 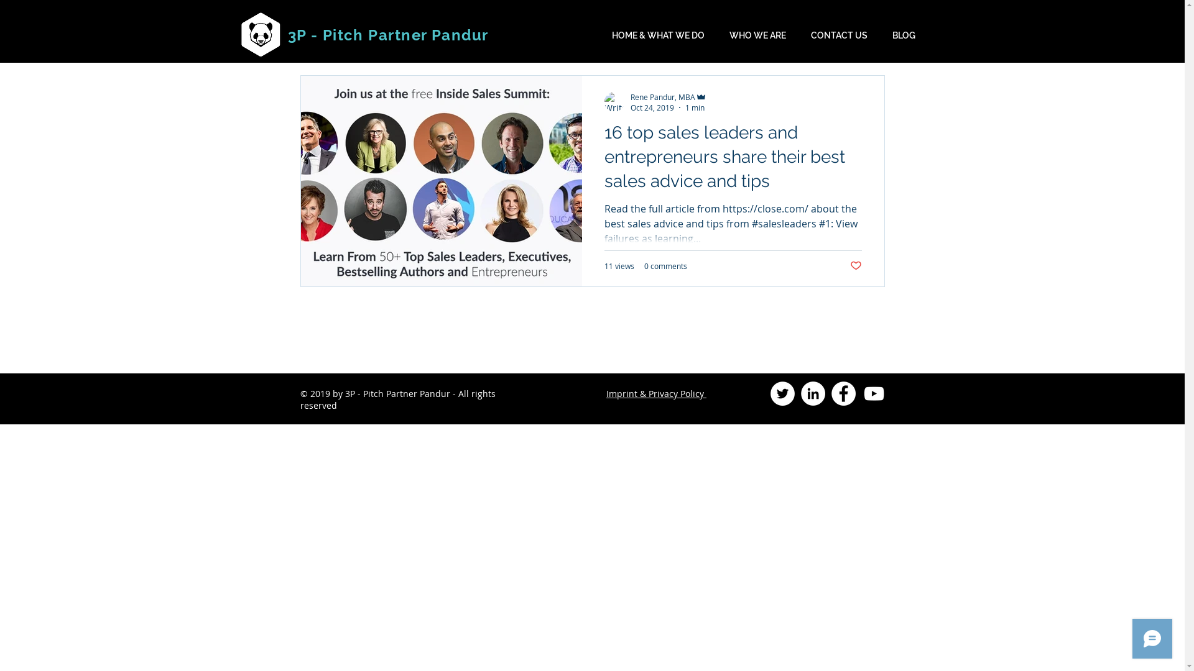 I want to click on 'CONTACT US', so click(x=839, y=35).